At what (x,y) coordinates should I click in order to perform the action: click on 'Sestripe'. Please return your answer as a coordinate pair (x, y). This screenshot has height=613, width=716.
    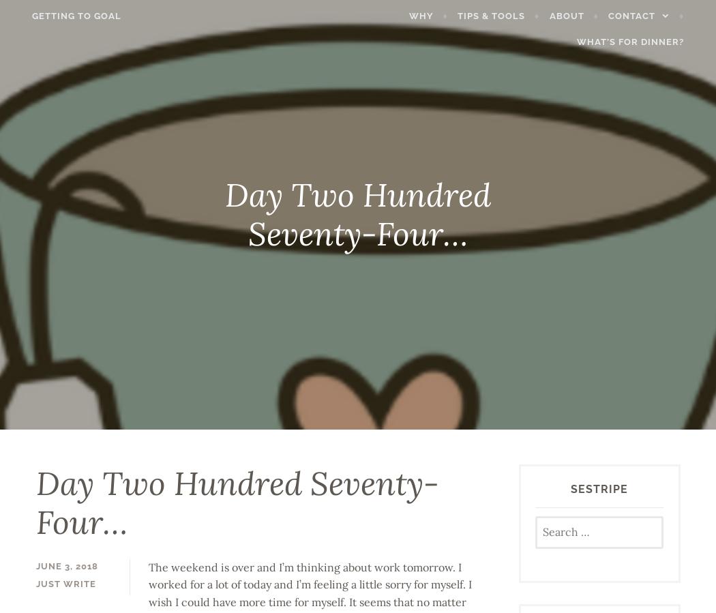
    Looking at the image, I should click on (598, 488).